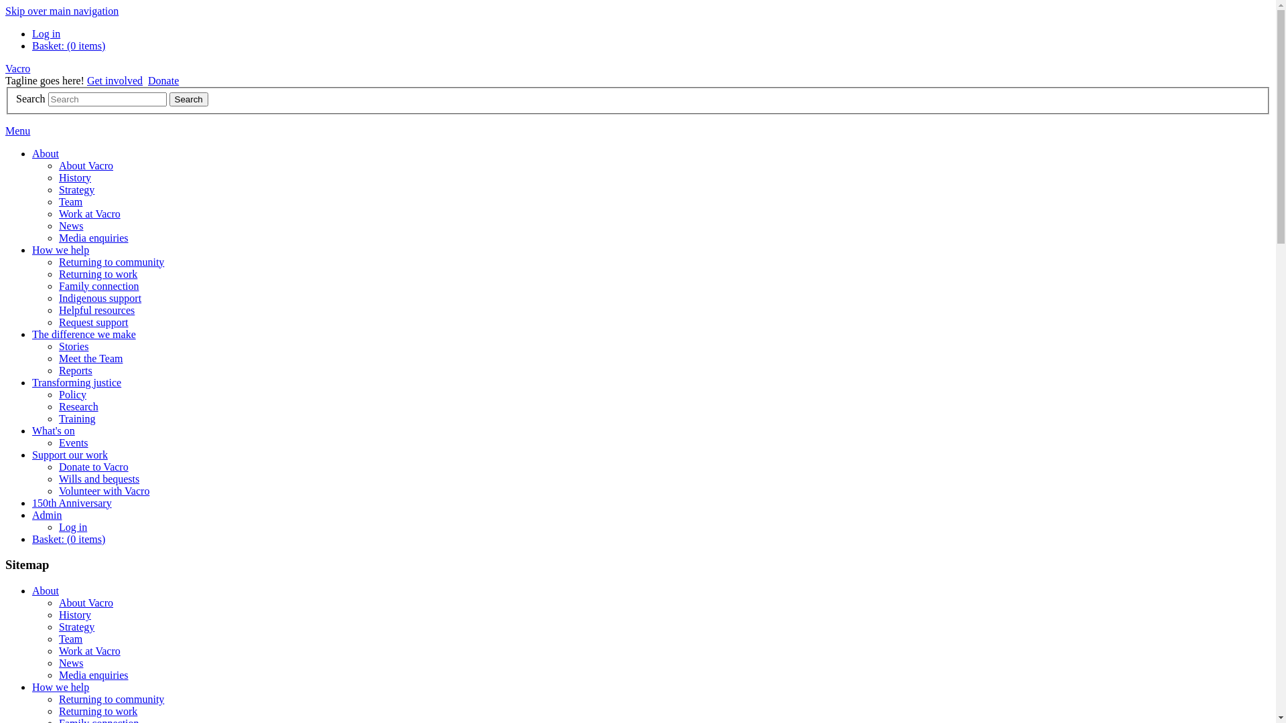 Image resolution: width=1286 pixels, height=723 pixels. I want to click on 'Events', so click(73, 443).